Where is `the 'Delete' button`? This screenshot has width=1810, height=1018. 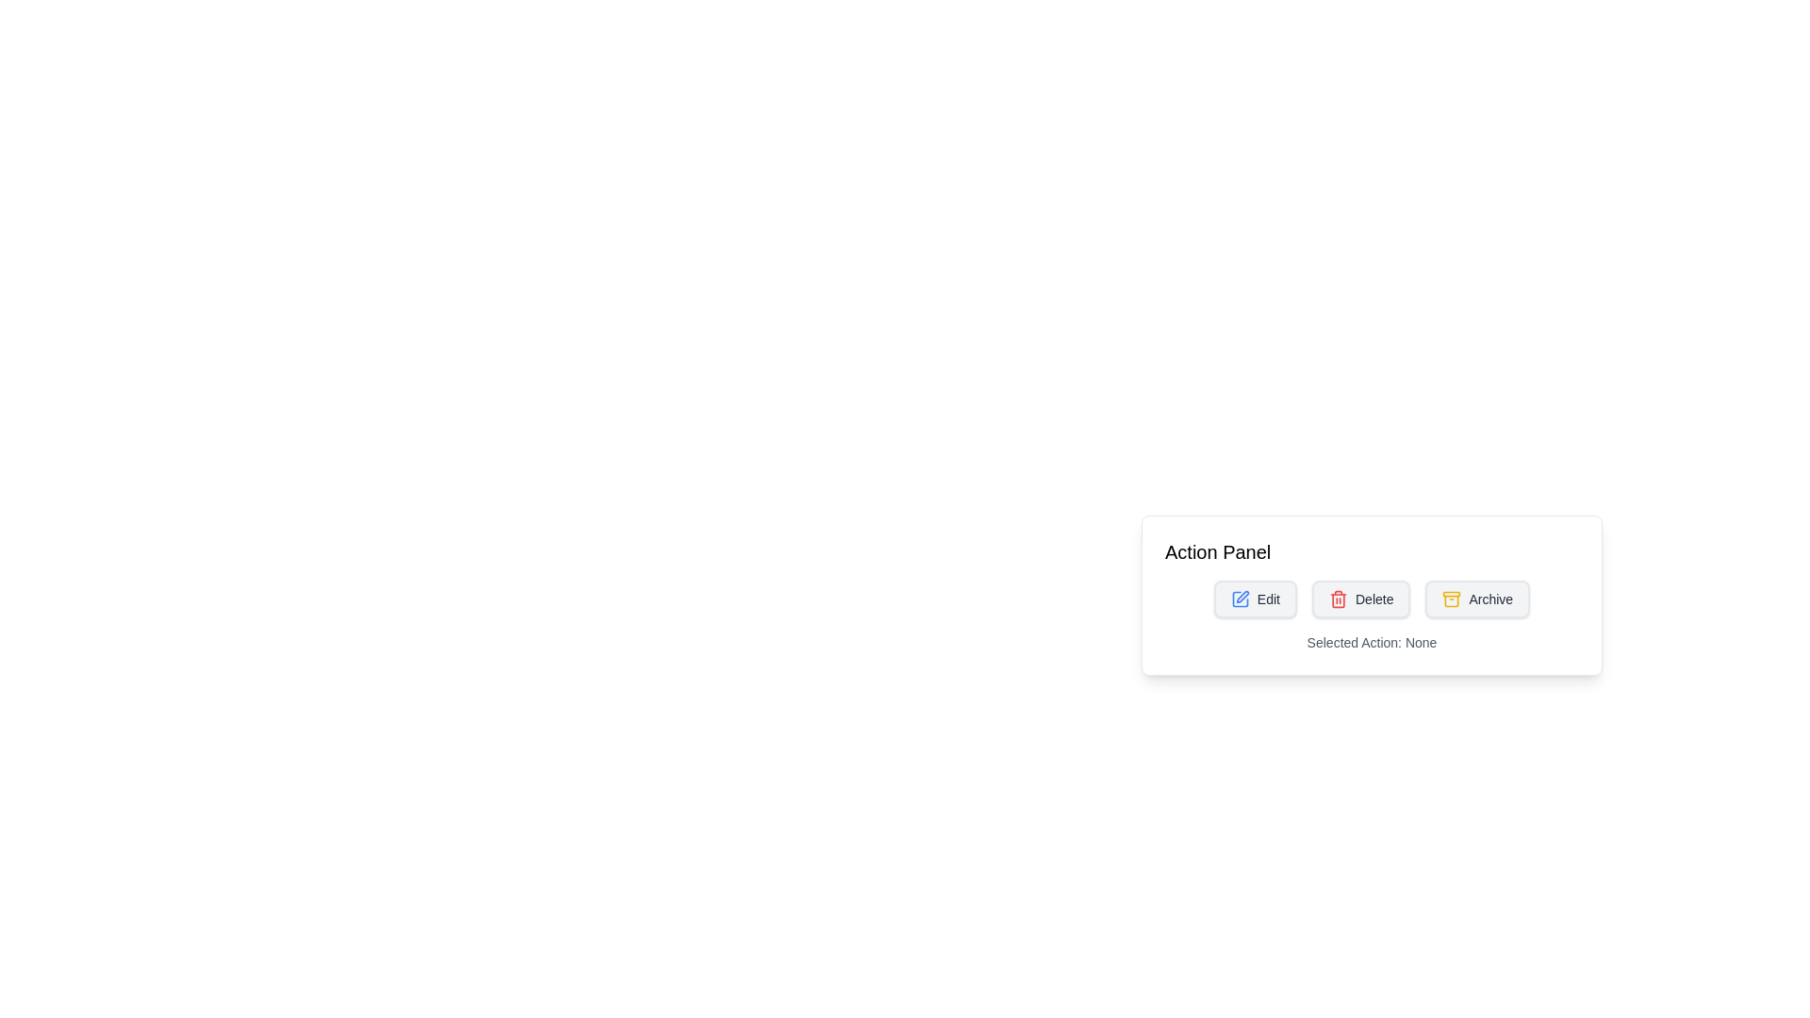
the 'Delete' button is located at coordinates (1361, 599).